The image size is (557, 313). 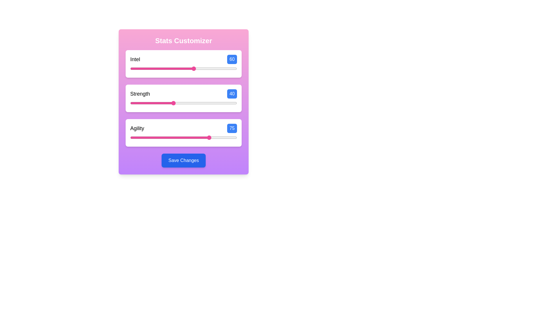 I want to click on the Static text label displaying 'Strength', which is located in the second row of a structured list and is to the left of the blue badge displaying the number 40, so click(x=140, y=94).